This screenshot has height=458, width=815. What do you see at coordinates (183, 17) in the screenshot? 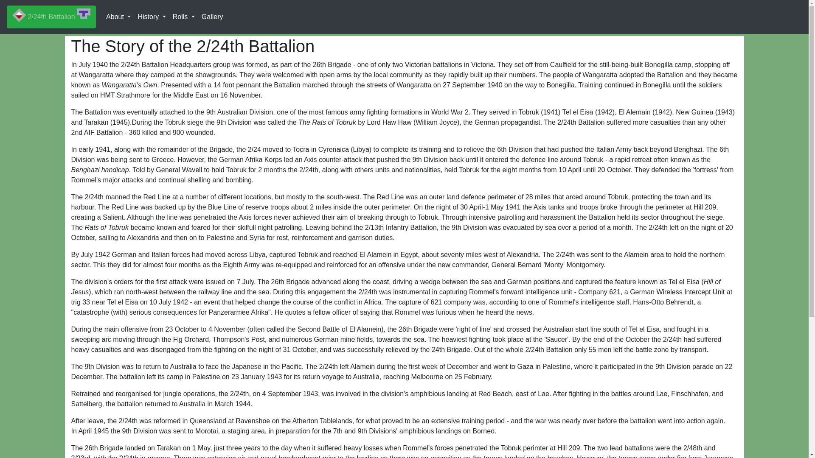
I see `'Rolls'` at bounding box center [183, 17].